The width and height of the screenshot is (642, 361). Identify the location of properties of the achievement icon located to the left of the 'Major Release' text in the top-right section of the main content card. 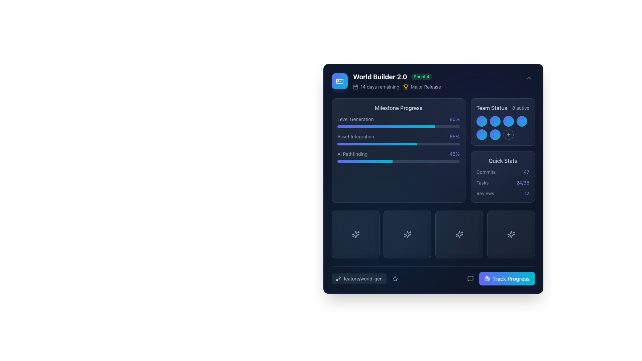
(406, 86).